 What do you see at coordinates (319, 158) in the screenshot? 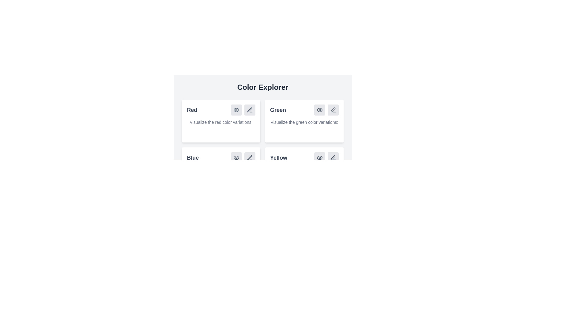
I see `the toggle visibility button in the lower-right corner of the 'Yellow' section of the 'Color Explorer' layout` at bounding box center [319, 158].